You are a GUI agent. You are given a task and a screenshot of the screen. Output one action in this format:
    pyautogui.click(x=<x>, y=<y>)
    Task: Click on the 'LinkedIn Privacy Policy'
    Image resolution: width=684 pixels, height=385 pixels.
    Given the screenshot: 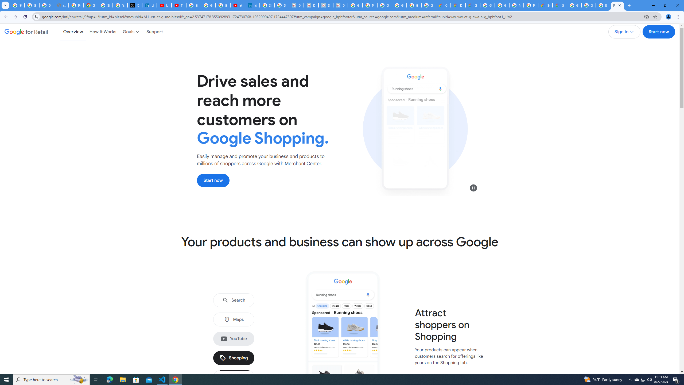 What is the action you would take?
    pyautogui.click(x=149, y=5)
    